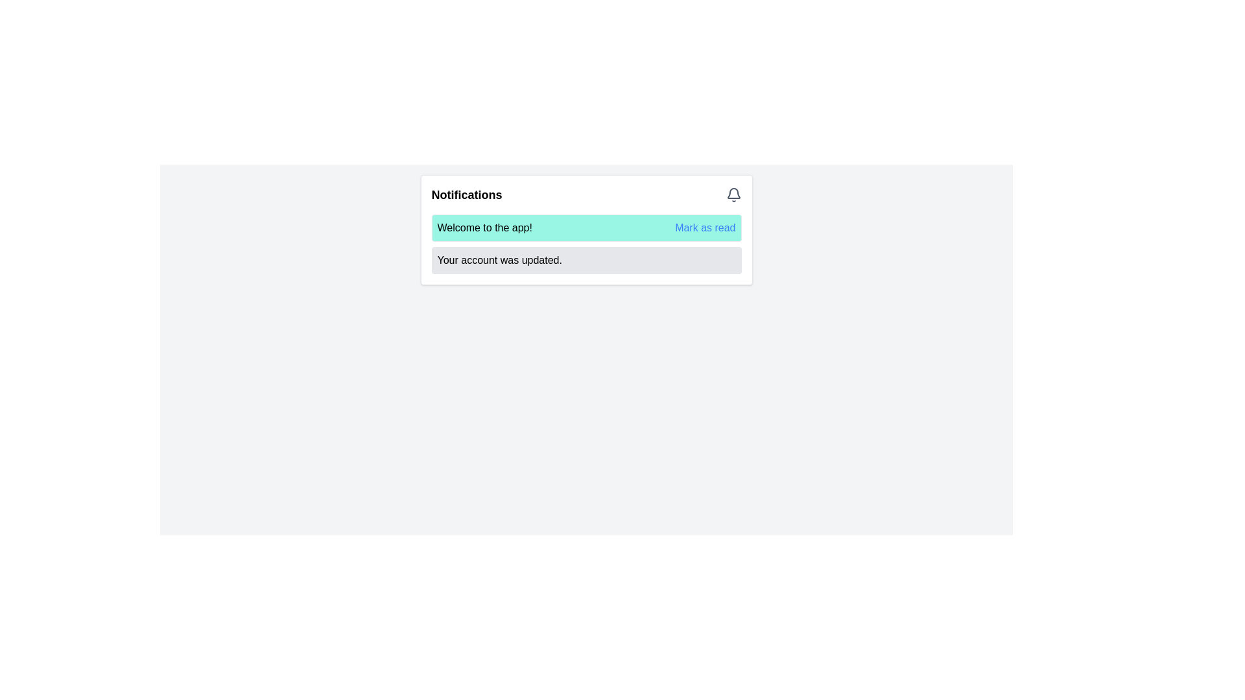 This screenshot has height=700, width=1245. Describe the element at coordinates (704, 227) in the screenshot. I see `the 'Mark as read' text link located on the right end of the turquoise notification bar to mark the notification as read` at that location.